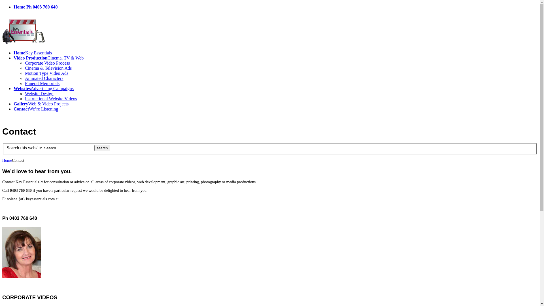  What do you see at coordinates (48, 68) in the screenshot?
I see `'Cinema & Television Ads'` at bounding box center [48, 68].